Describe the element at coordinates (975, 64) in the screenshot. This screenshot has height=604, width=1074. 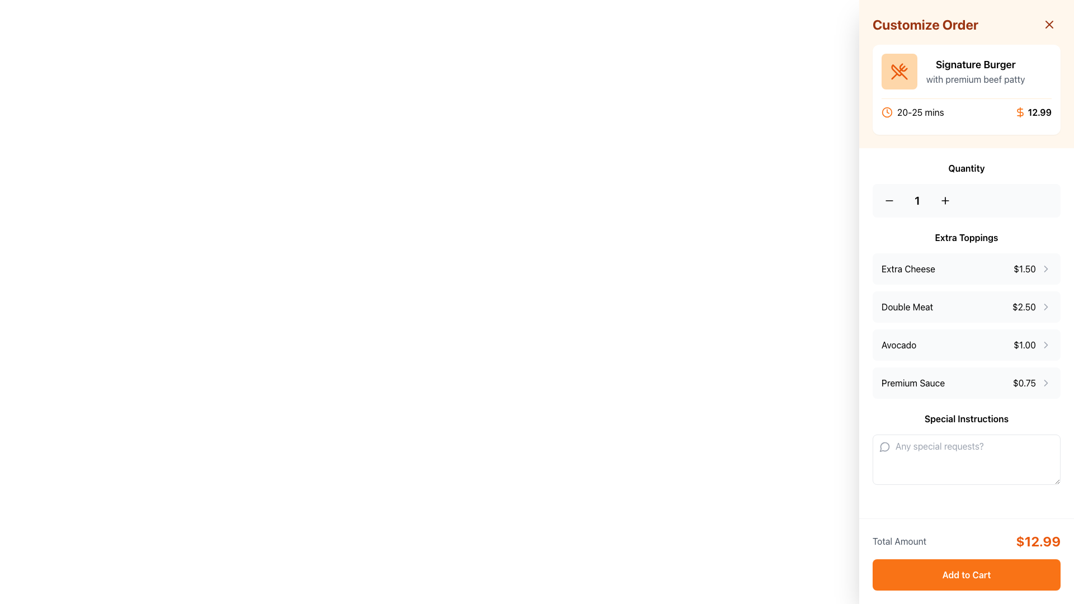
I see `the 'Signature Burger' text label, which is styled in bold and larger font, located at the top of the 'Customize Order' section` at that location.